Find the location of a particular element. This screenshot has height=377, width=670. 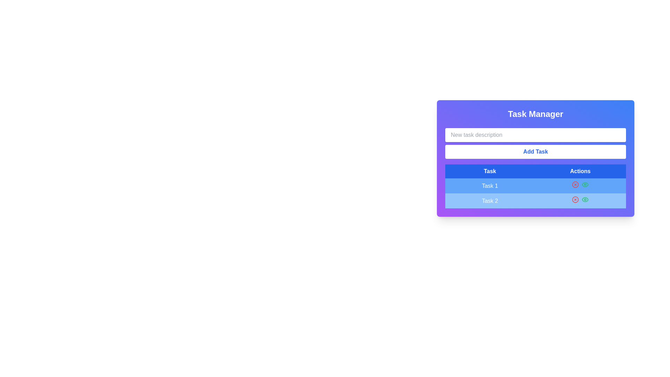

blue text label displaying 'Task 1' located in the first cell of the 'Task' column in the first row of the table is located at coordinates (490, 185).